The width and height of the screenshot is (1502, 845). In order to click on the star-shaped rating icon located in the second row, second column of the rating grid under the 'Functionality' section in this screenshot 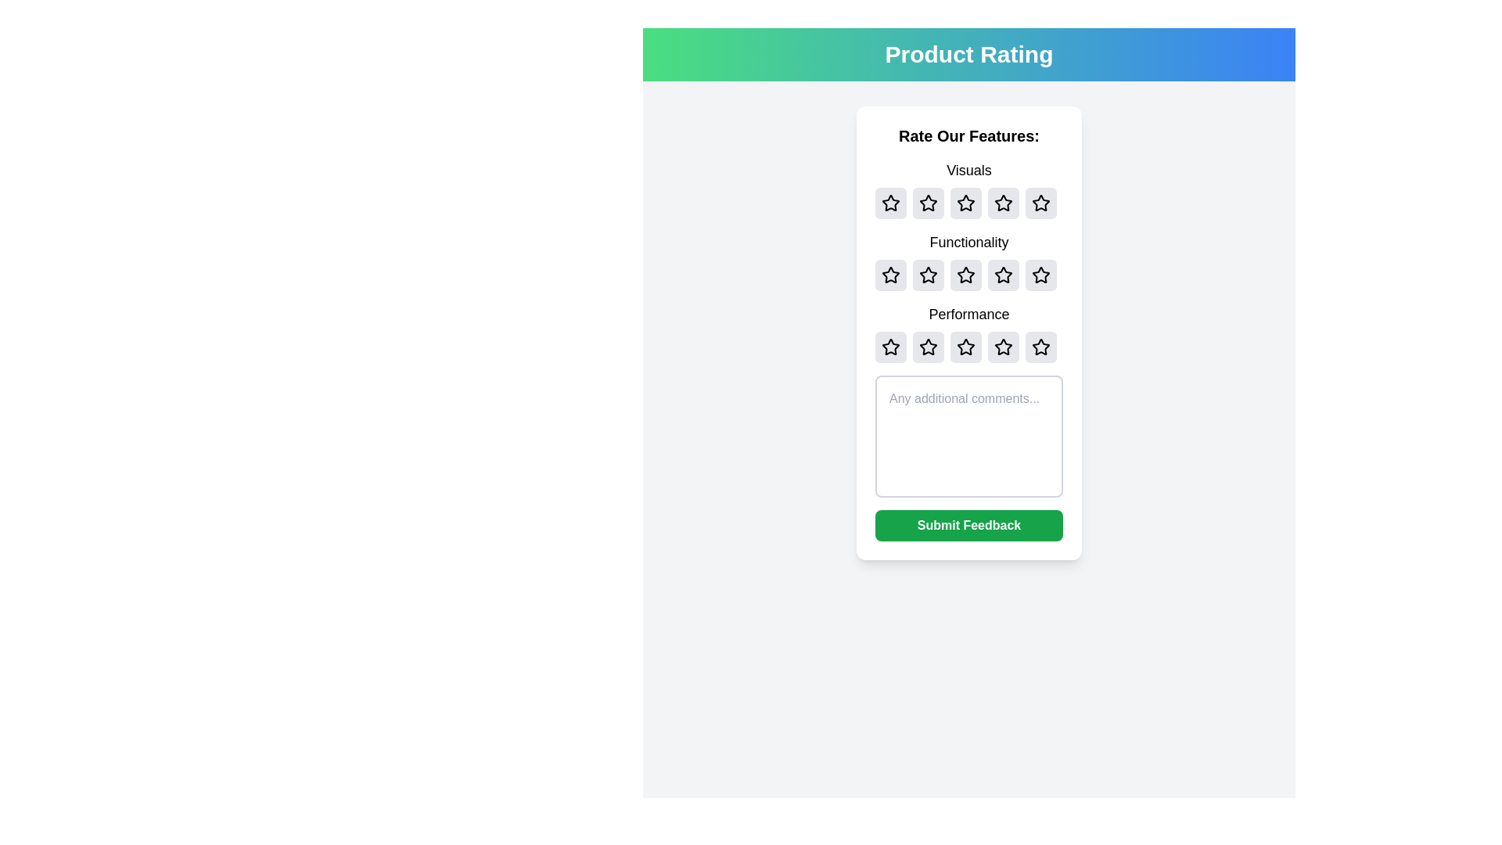, I will do `click(928, 274)`.